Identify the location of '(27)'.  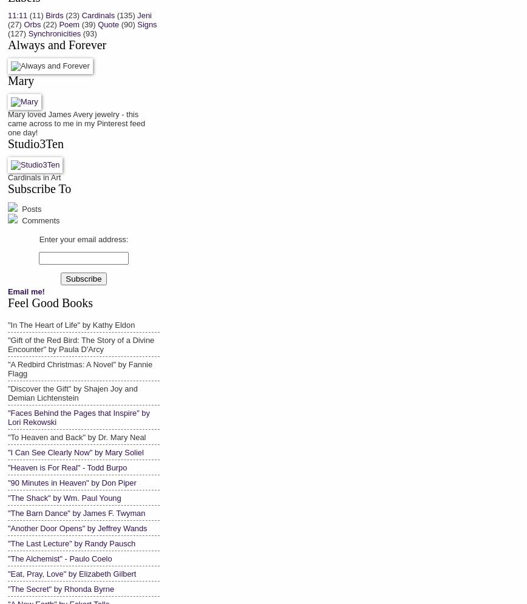
(14, 23).